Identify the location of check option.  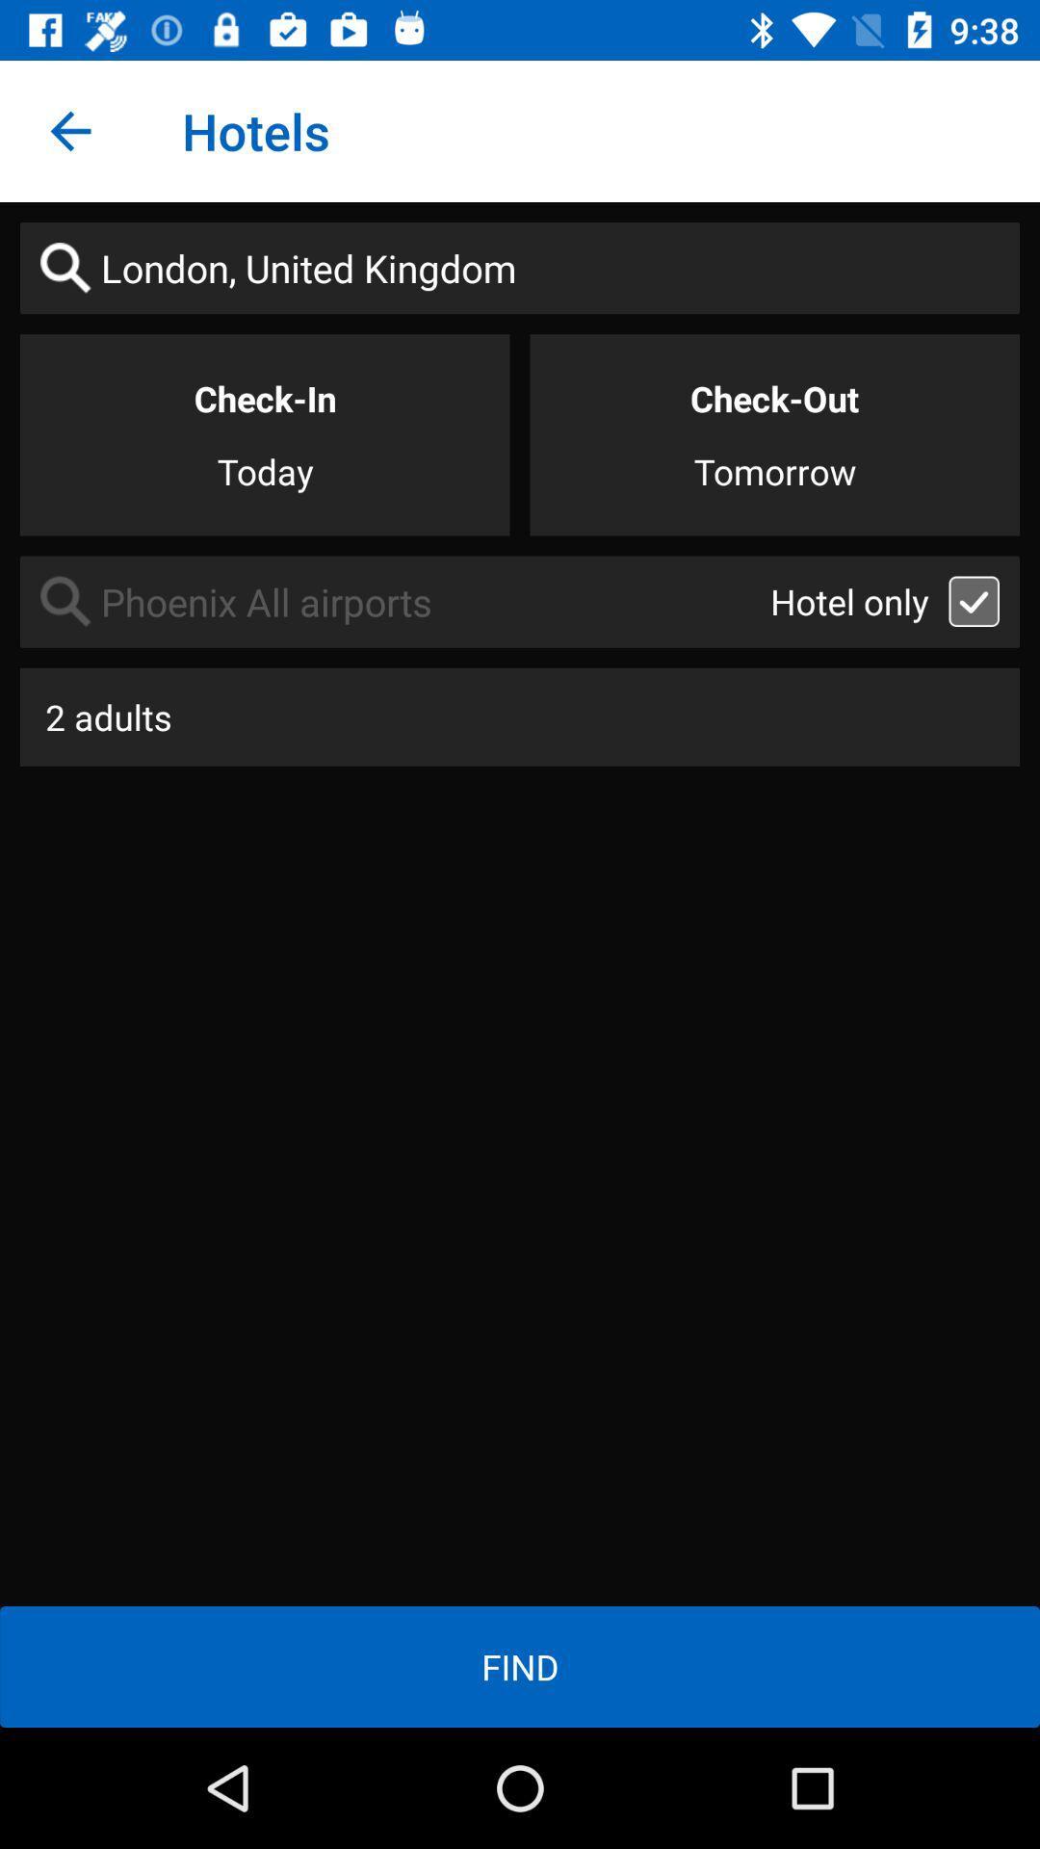
(974, 600).